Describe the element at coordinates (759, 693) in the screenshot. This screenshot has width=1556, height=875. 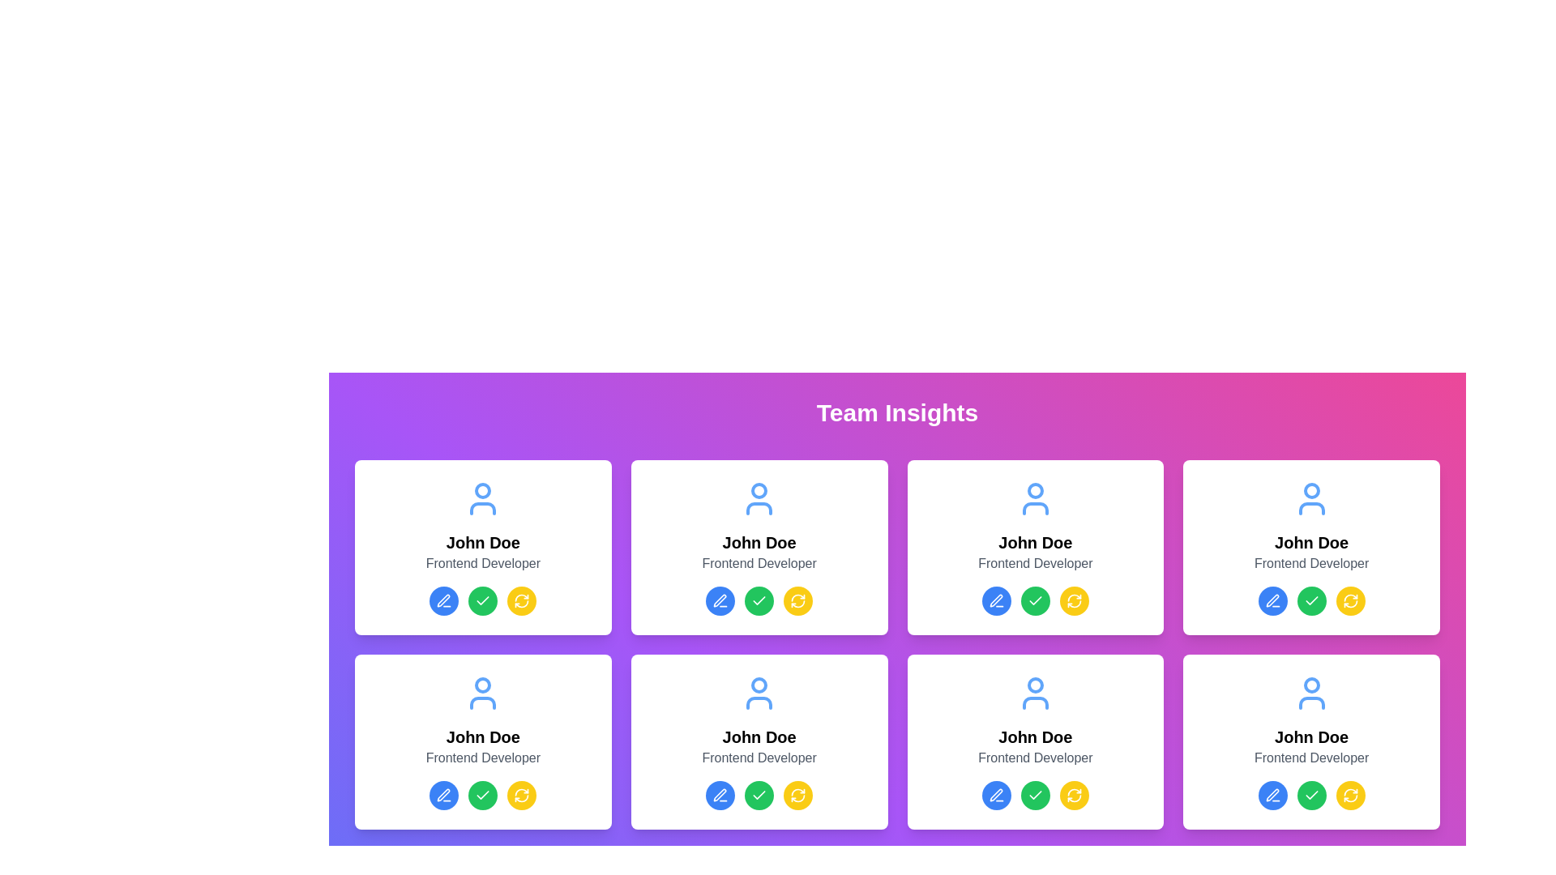
I see `the user profile icon with a circular head and curved shoulders, styled in blue, located near the top center of the second card in the second row of the grid layout` at that location.